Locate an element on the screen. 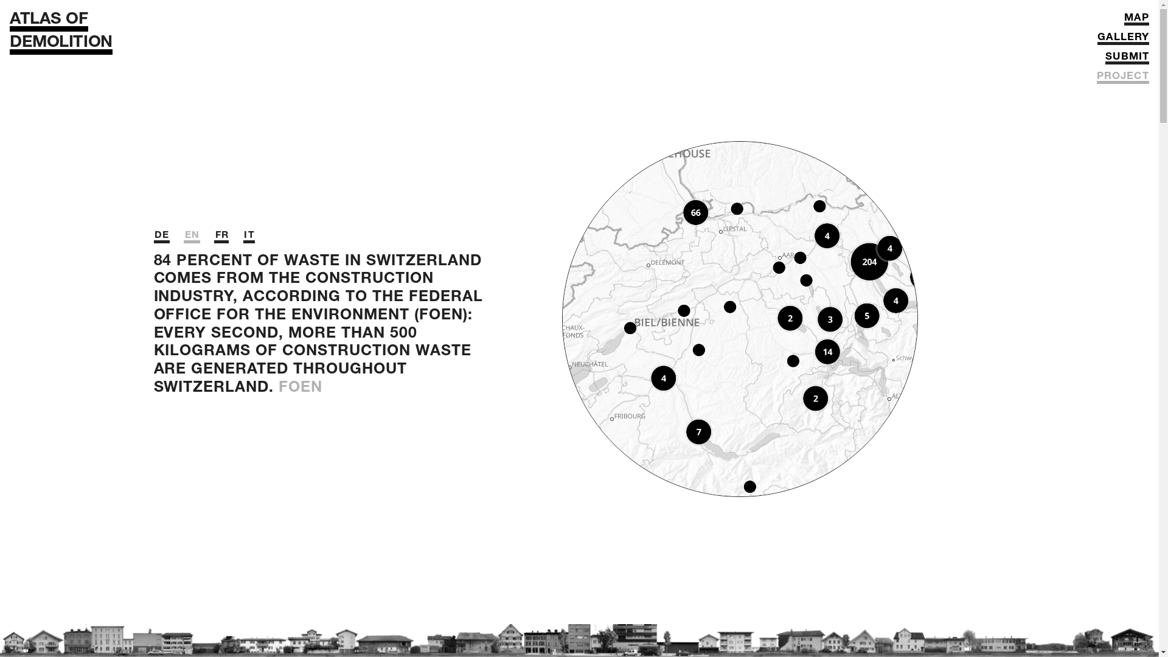  'IT' is located at coordinates (248, 237).